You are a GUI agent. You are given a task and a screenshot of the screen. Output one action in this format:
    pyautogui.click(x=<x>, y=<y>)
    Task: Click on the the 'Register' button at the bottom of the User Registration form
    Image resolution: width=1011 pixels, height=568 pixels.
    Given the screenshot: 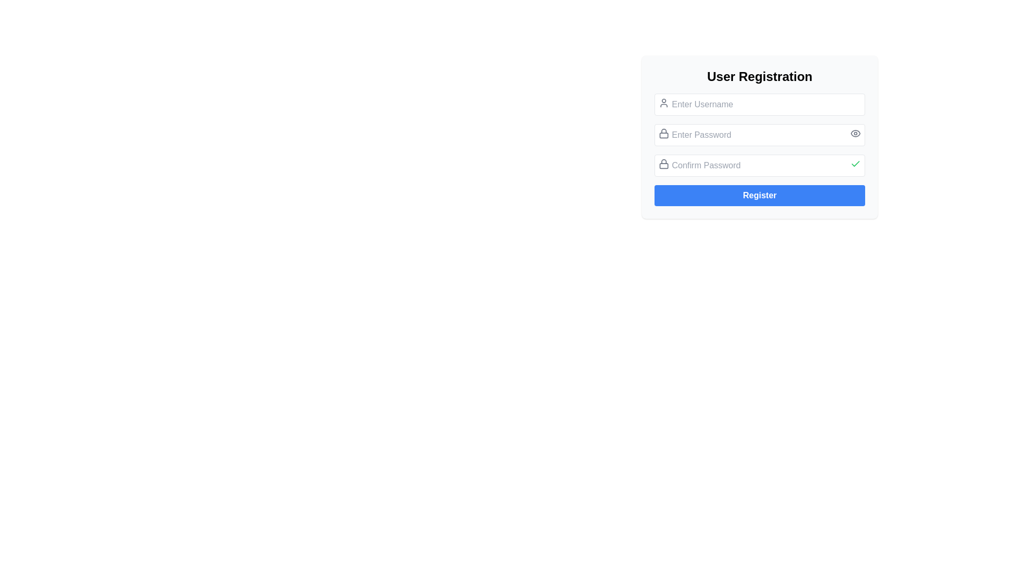 What is the action you would take?
    pyautogui.click(x=760, y=195)
    